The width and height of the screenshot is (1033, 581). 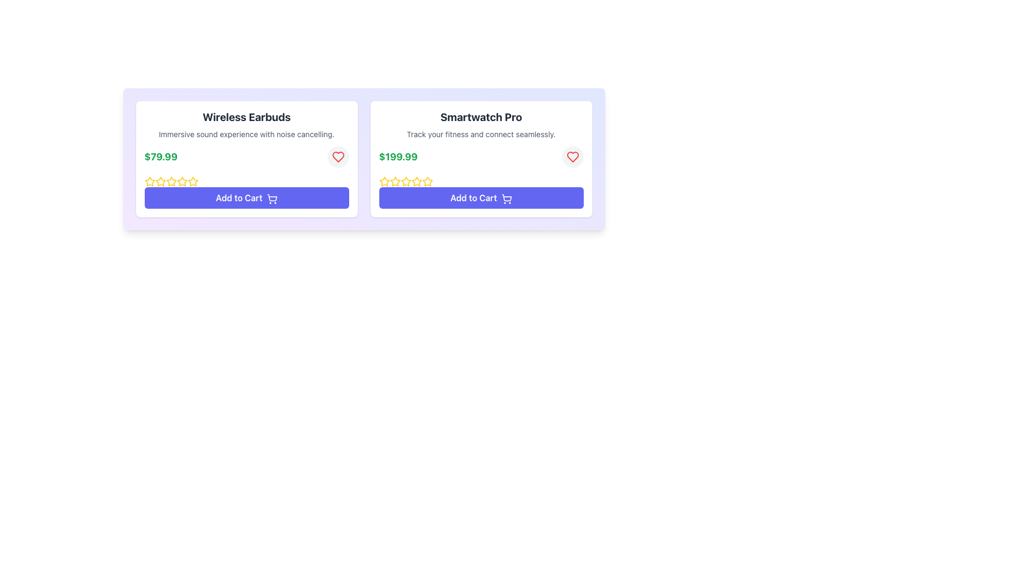 What do you see at coordinates (480, 197) in the screenshot?
I see `the 'Add to Cart' button with a purple background and a shopping cart icon` at bounding box center [480, 197].